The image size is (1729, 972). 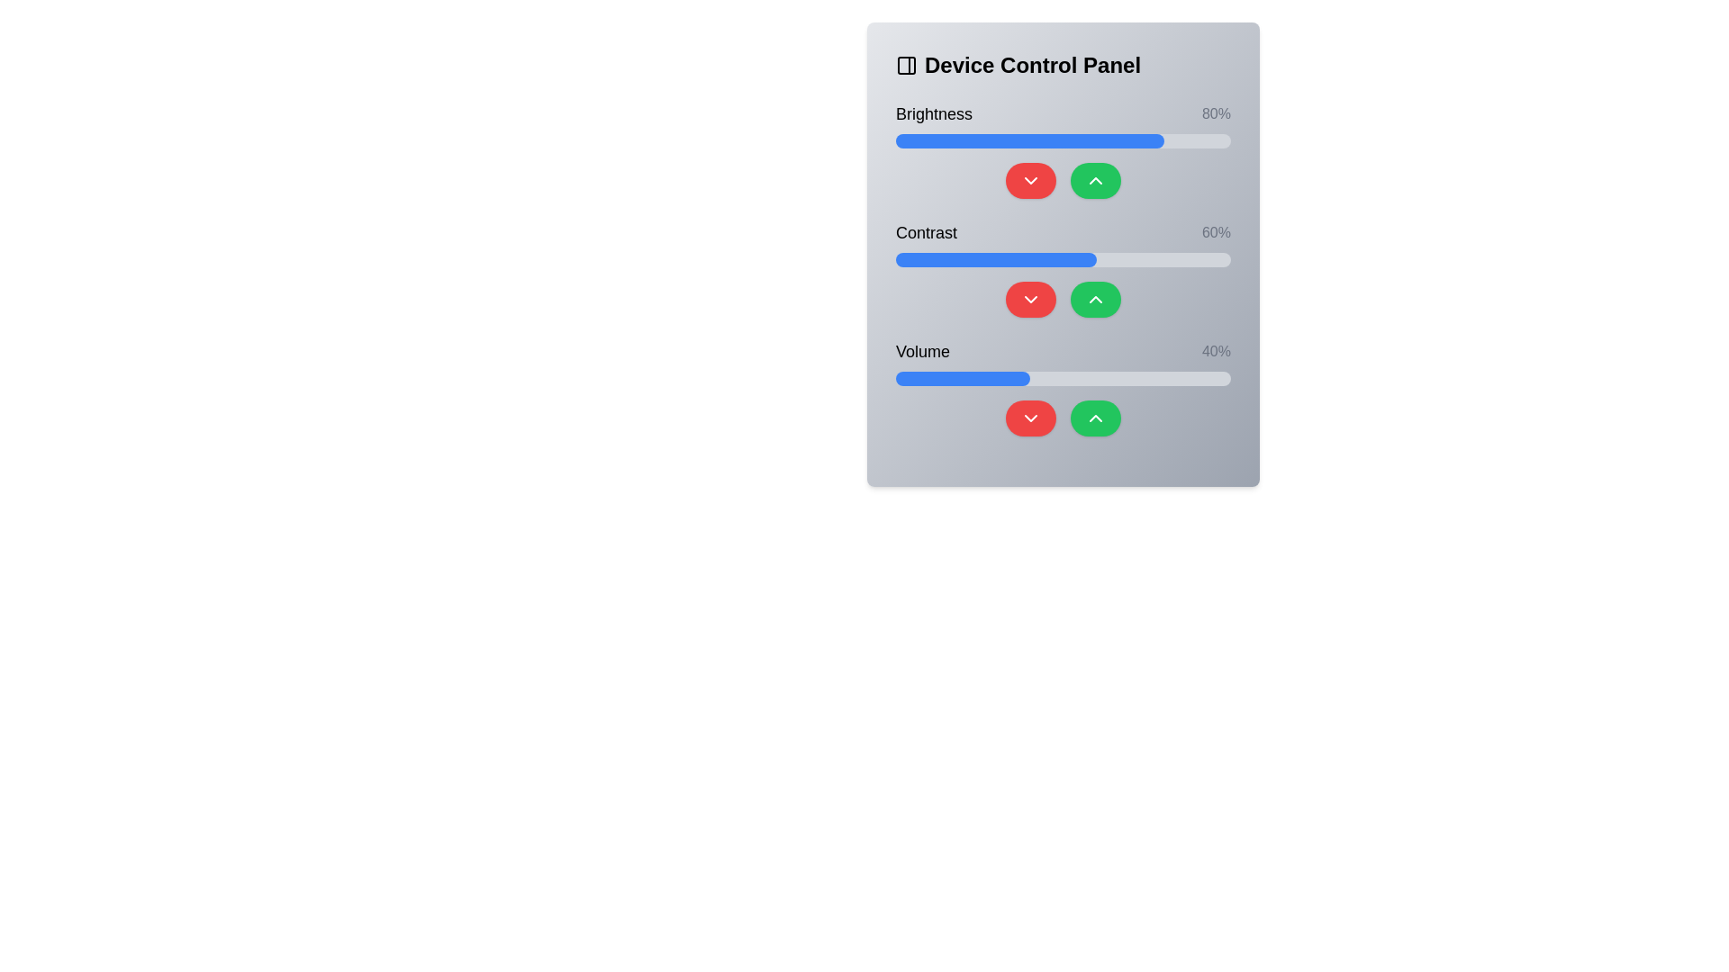 What do you see at coordinates (1063, 387) in the screenshot?
I see `the 'Volume' progress bar located at the bottom of the settings panel, which visually indicates the current volume level with a blue filled portion and displays '40%' on the right` at bounding box center [1063, 387].